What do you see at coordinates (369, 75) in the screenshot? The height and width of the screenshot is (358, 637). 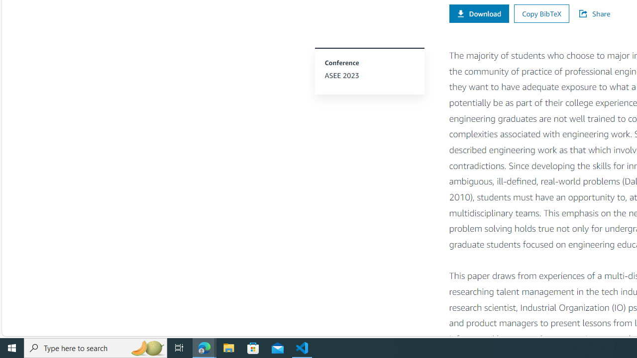 I see `'ASEE 2023'` at bounding box center [369, 75].